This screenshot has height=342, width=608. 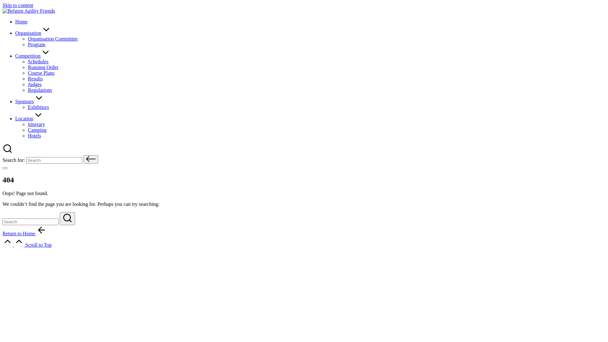 I want to click on 'Program', so click(x=36, y=44).